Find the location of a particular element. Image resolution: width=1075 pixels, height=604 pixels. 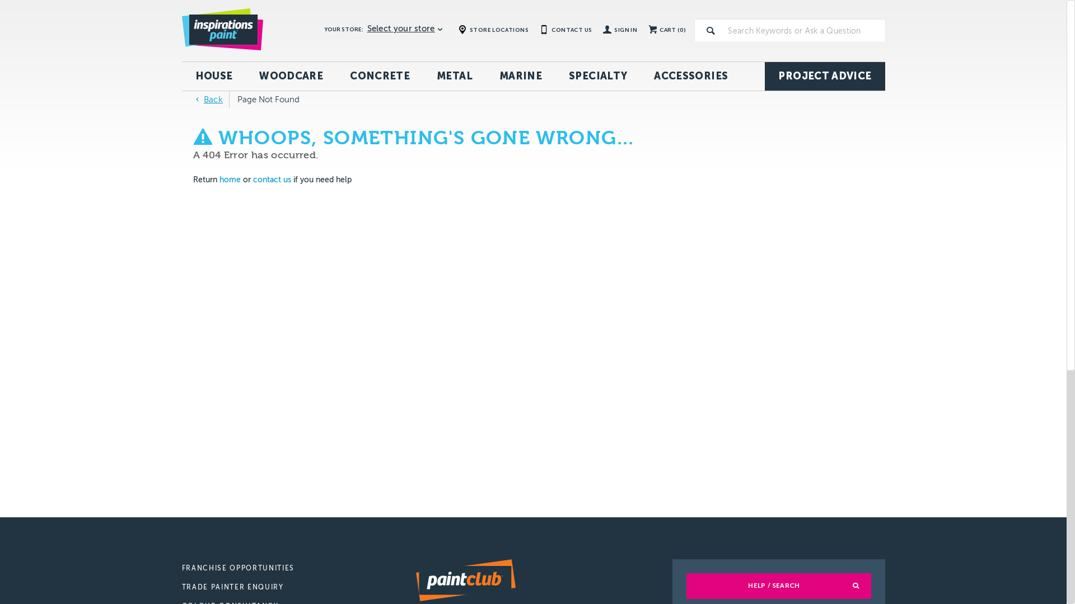

'METAL' is located at coordinates (454, 75).